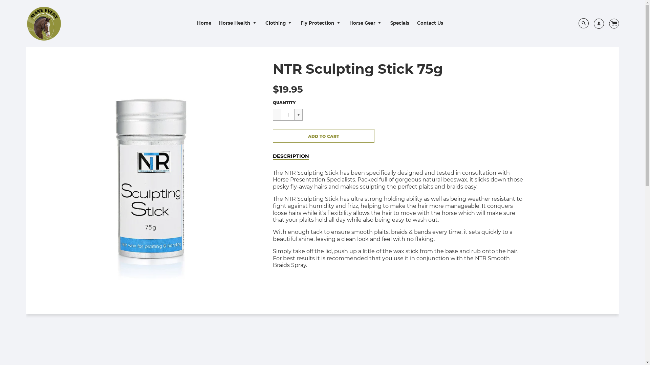  Describe the element at coordinates (399, 23) in the screenshot. I see `'Specials'` at that location.